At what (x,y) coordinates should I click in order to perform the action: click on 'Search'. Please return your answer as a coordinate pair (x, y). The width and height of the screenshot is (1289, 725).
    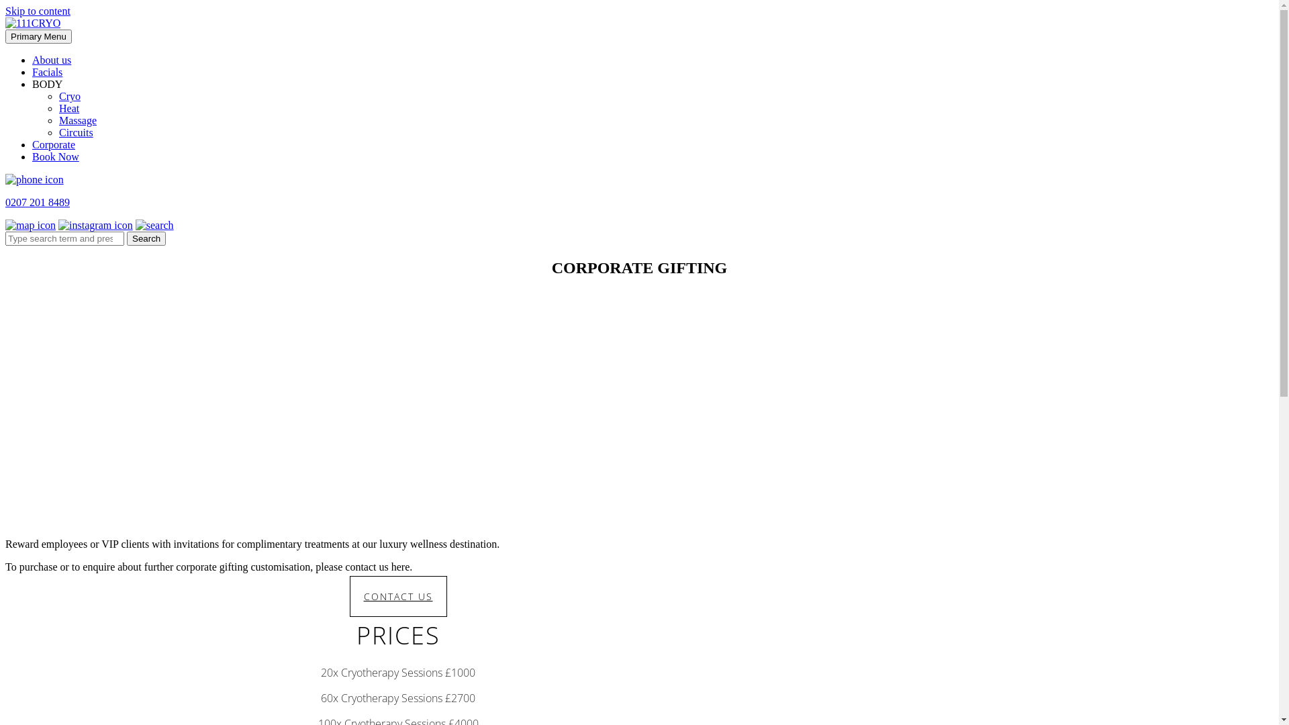
    Looking at the image, I should click on (146, 238).